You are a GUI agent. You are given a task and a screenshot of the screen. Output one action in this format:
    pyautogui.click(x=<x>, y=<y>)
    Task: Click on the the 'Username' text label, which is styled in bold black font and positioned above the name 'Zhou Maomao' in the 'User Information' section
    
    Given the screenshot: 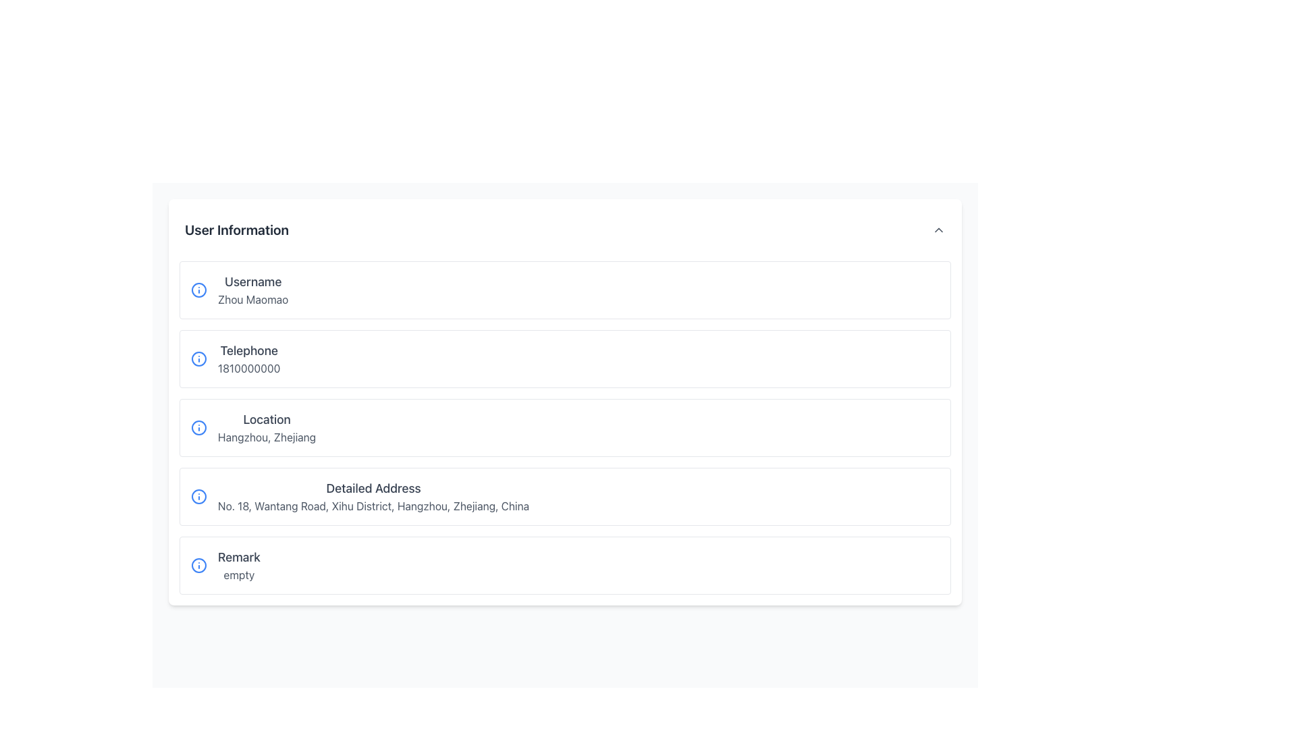 What is the action you would take?
    pyautogui.click(x=253, y=281)
    